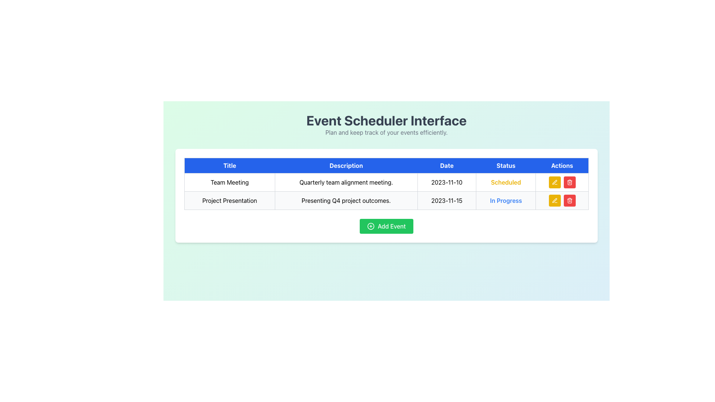 Image resolution: width=715 pixels, height=402 pixels. What do you see at coordinates (554, 200) in the screenshot?
I see `the pen icon in the 'Actions' column of the second row in the table to initiate editing` at bounding box center [554, 200].